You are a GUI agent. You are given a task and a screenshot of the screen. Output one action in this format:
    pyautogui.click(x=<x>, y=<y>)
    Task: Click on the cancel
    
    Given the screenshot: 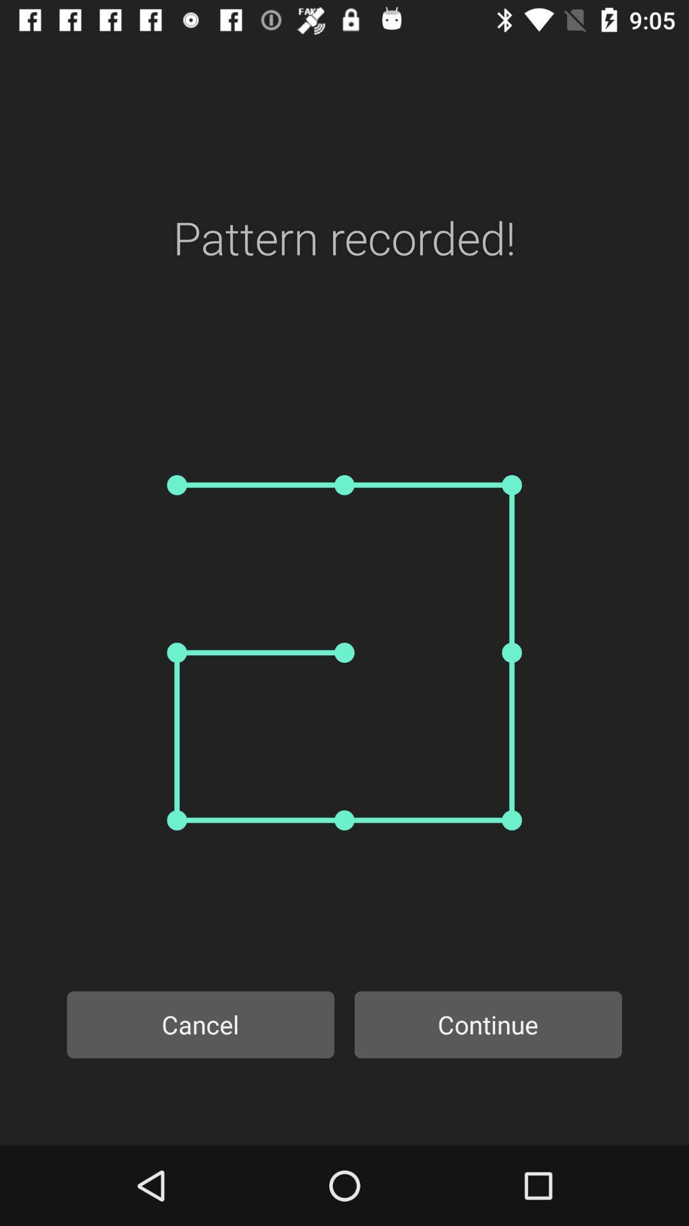 What is the action you would take?
    pyautogui.click(x=200, y=1024)
    